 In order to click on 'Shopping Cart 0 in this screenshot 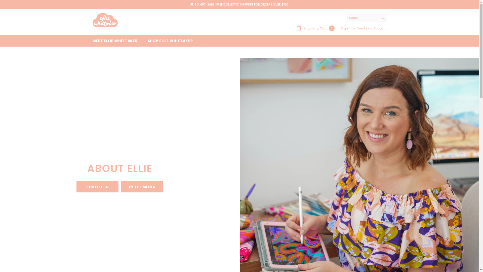, I will do `click(315, 28)`.